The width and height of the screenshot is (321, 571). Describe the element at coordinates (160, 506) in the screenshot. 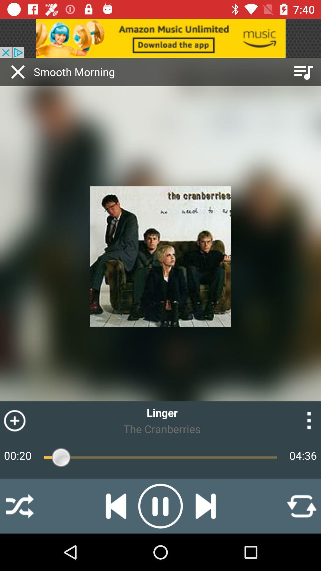

I see `the pause icon` at that location.